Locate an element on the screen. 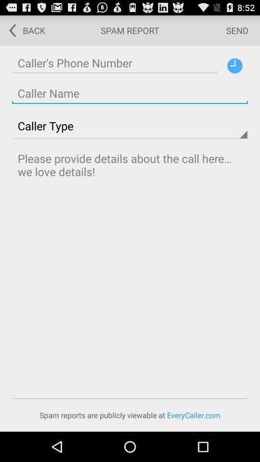  address page is located at coordinates (130, 93).